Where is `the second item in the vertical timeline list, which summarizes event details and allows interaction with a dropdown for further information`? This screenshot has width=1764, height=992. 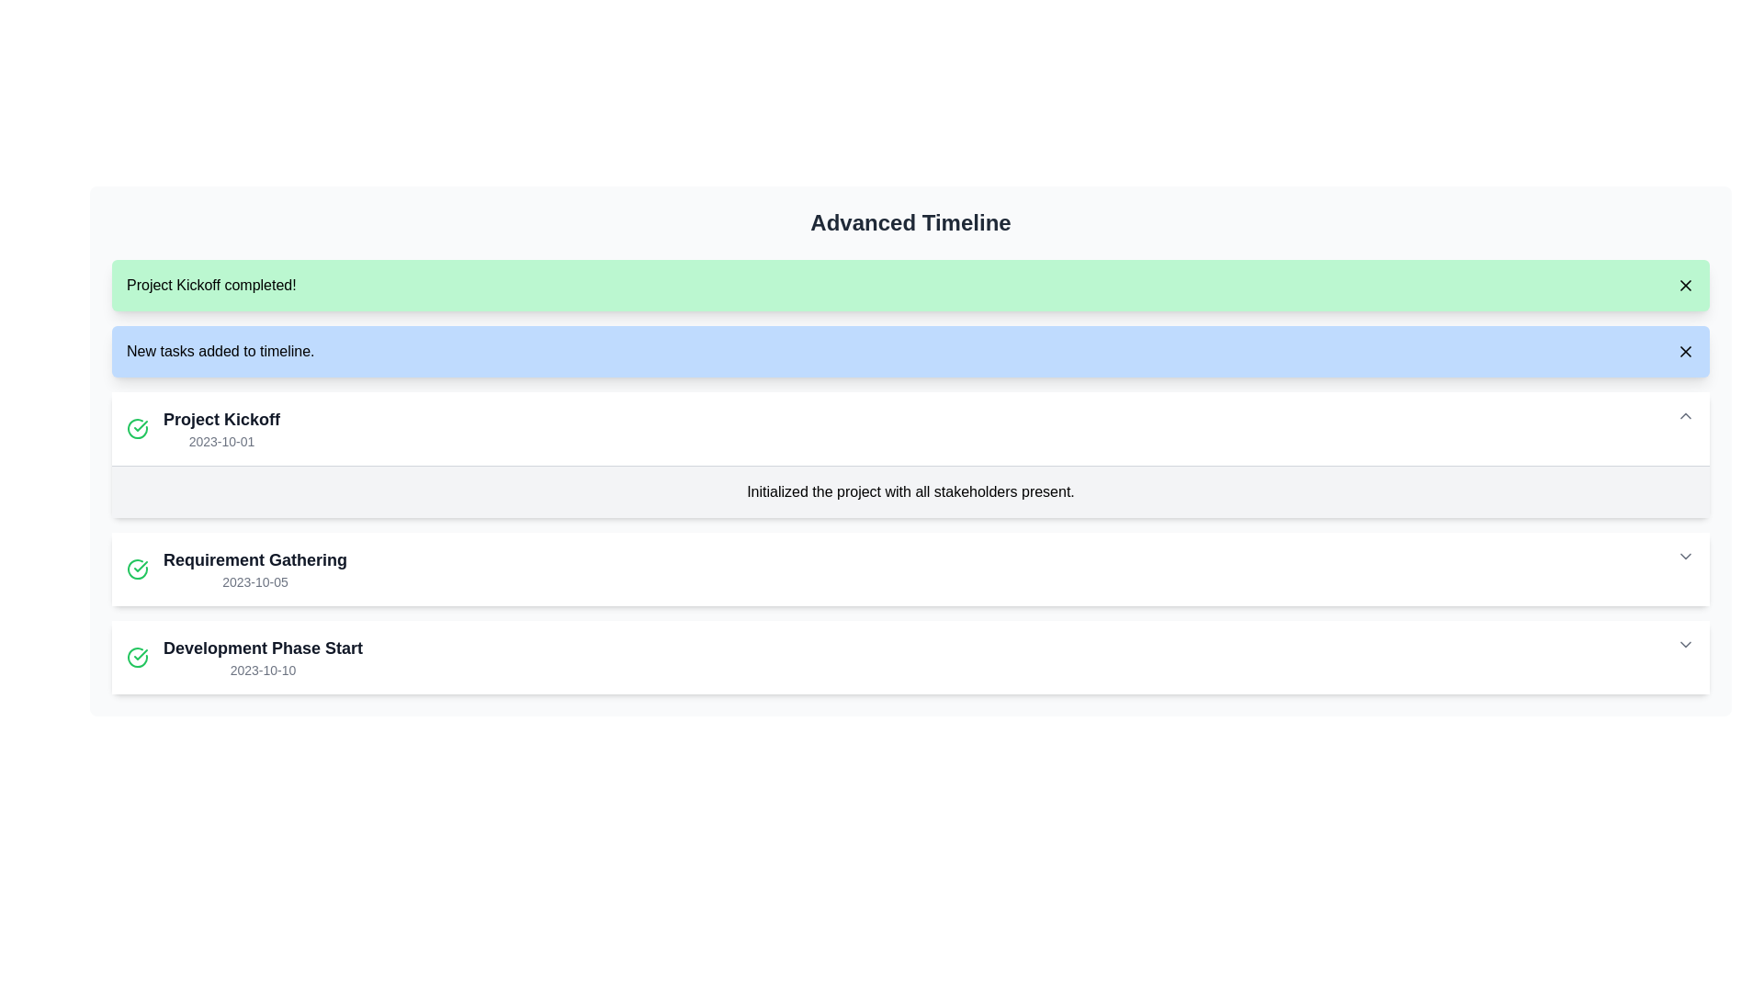 the second item in the vertical timeline list, which summarizes event details and allows interaction with a dropdown for further information is located at coordinates (910, 569).